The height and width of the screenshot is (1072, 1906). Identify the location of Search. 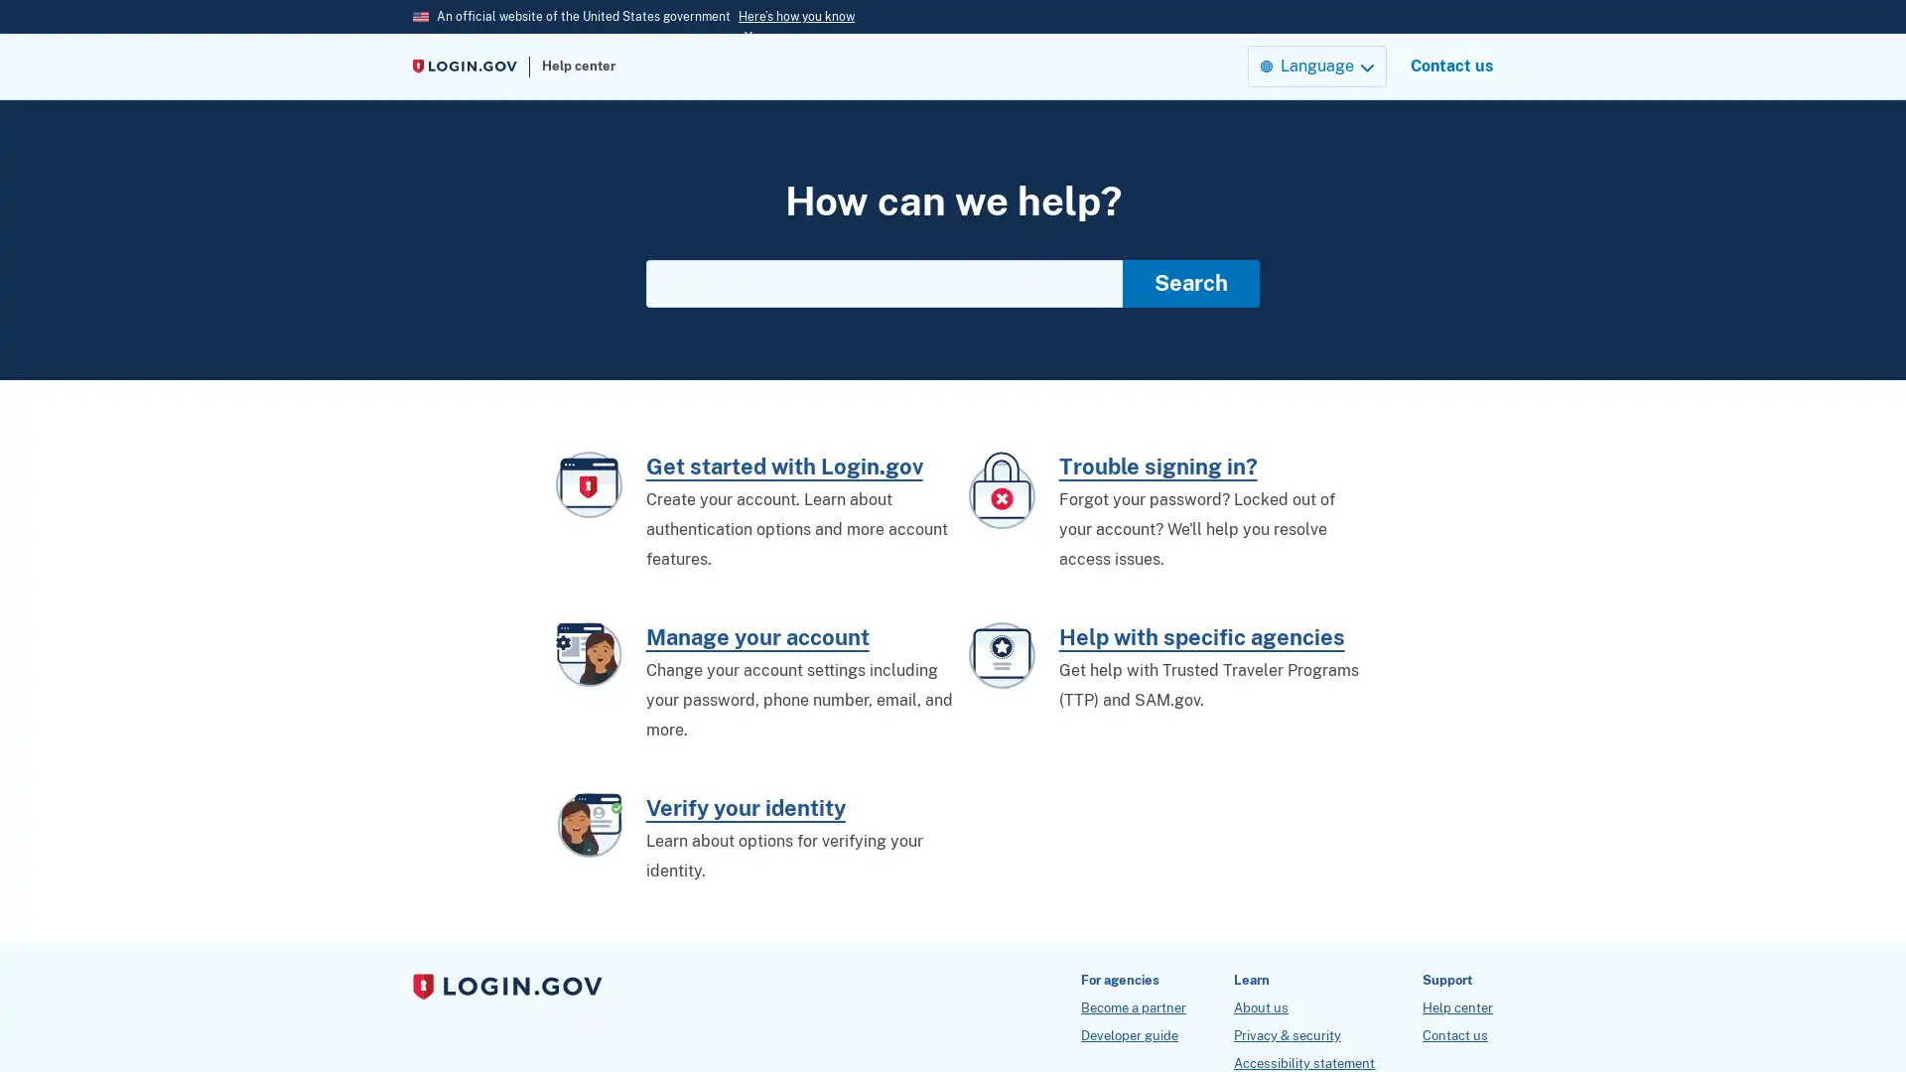
(1191, 283).